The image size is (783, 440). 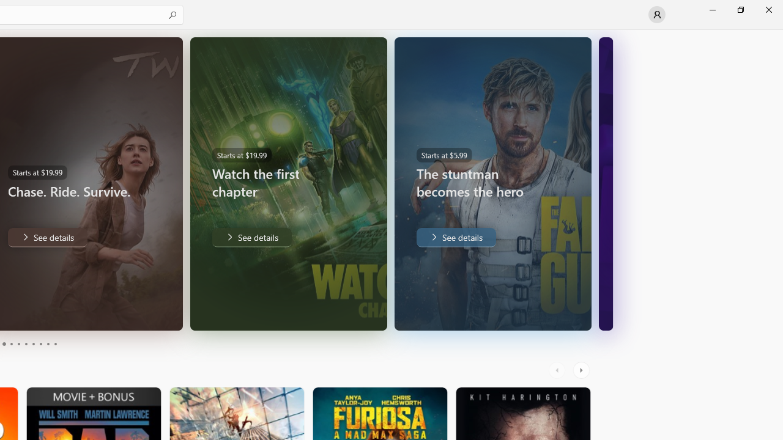 What do you see at coordinates (26, 344) in the screenshot?
I see `'Page 6'` at bounding box center [26, 344].